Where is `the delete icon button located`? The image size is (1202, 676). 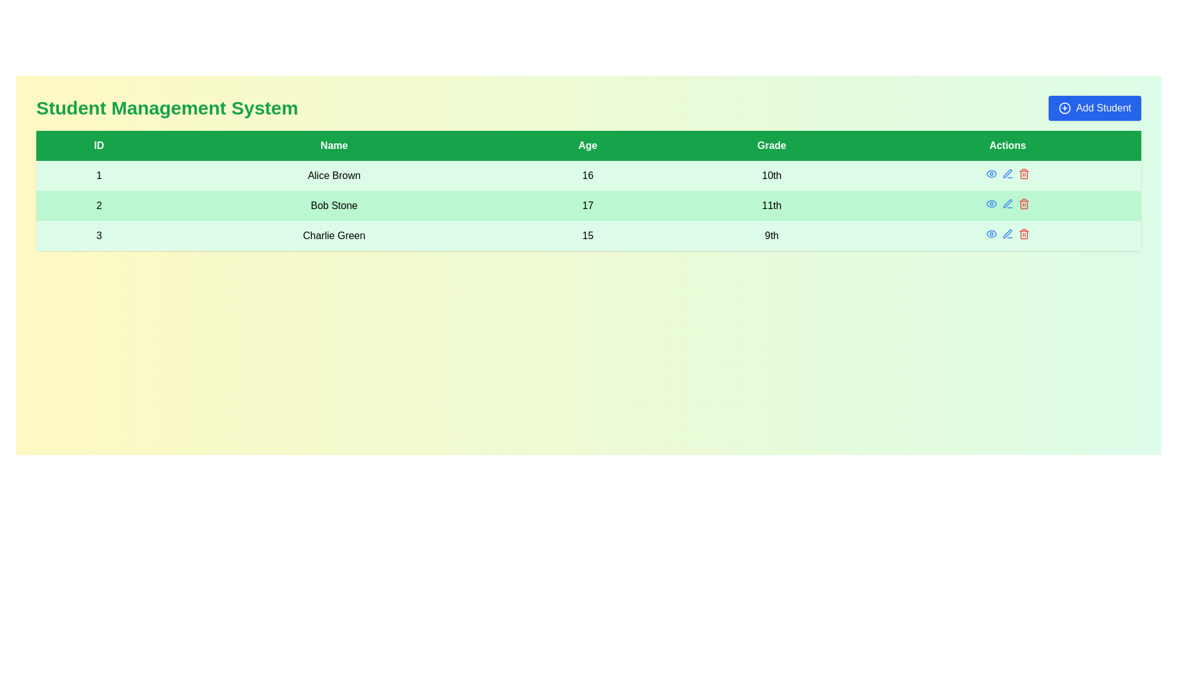
the delete icon button located is located at coordinates (1024, 203).